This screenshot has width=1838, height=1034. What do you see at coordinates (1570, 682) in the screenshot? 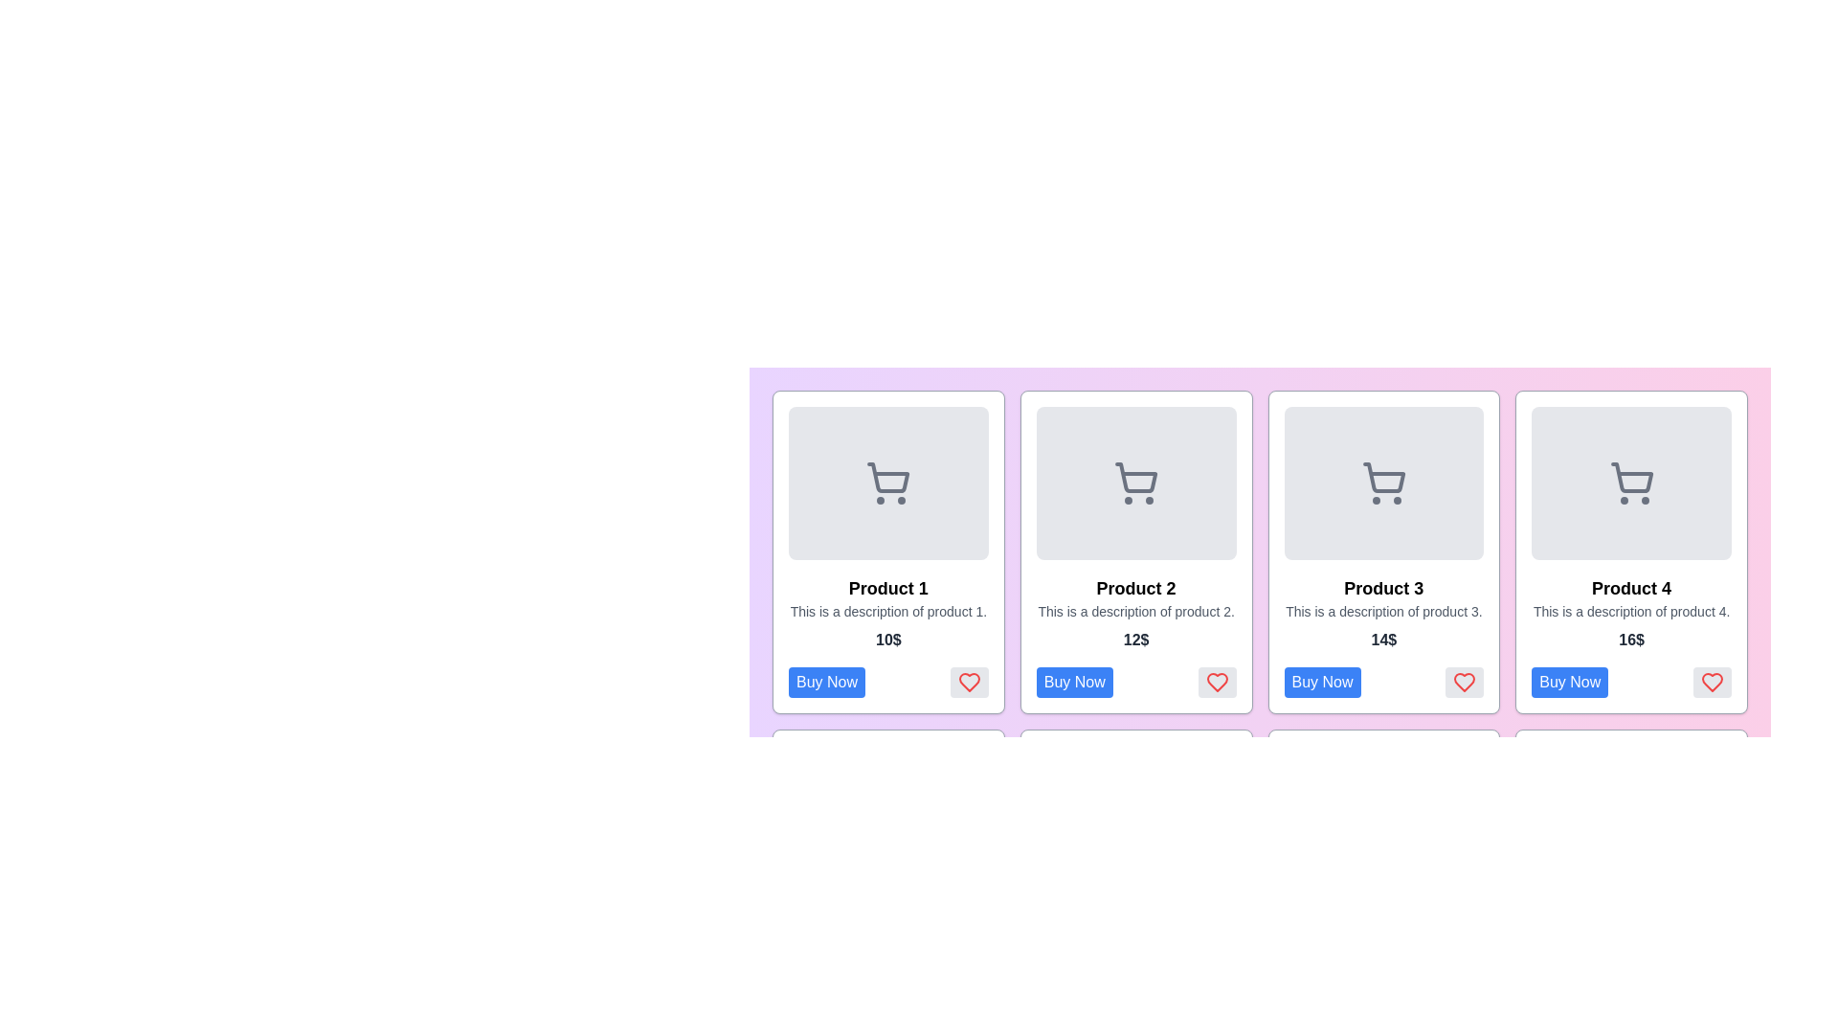
I see `the 'Buy Now' button located in the fourth product card beneath the product's price to initiate the purchase process` at bounding box center [1570, 682].